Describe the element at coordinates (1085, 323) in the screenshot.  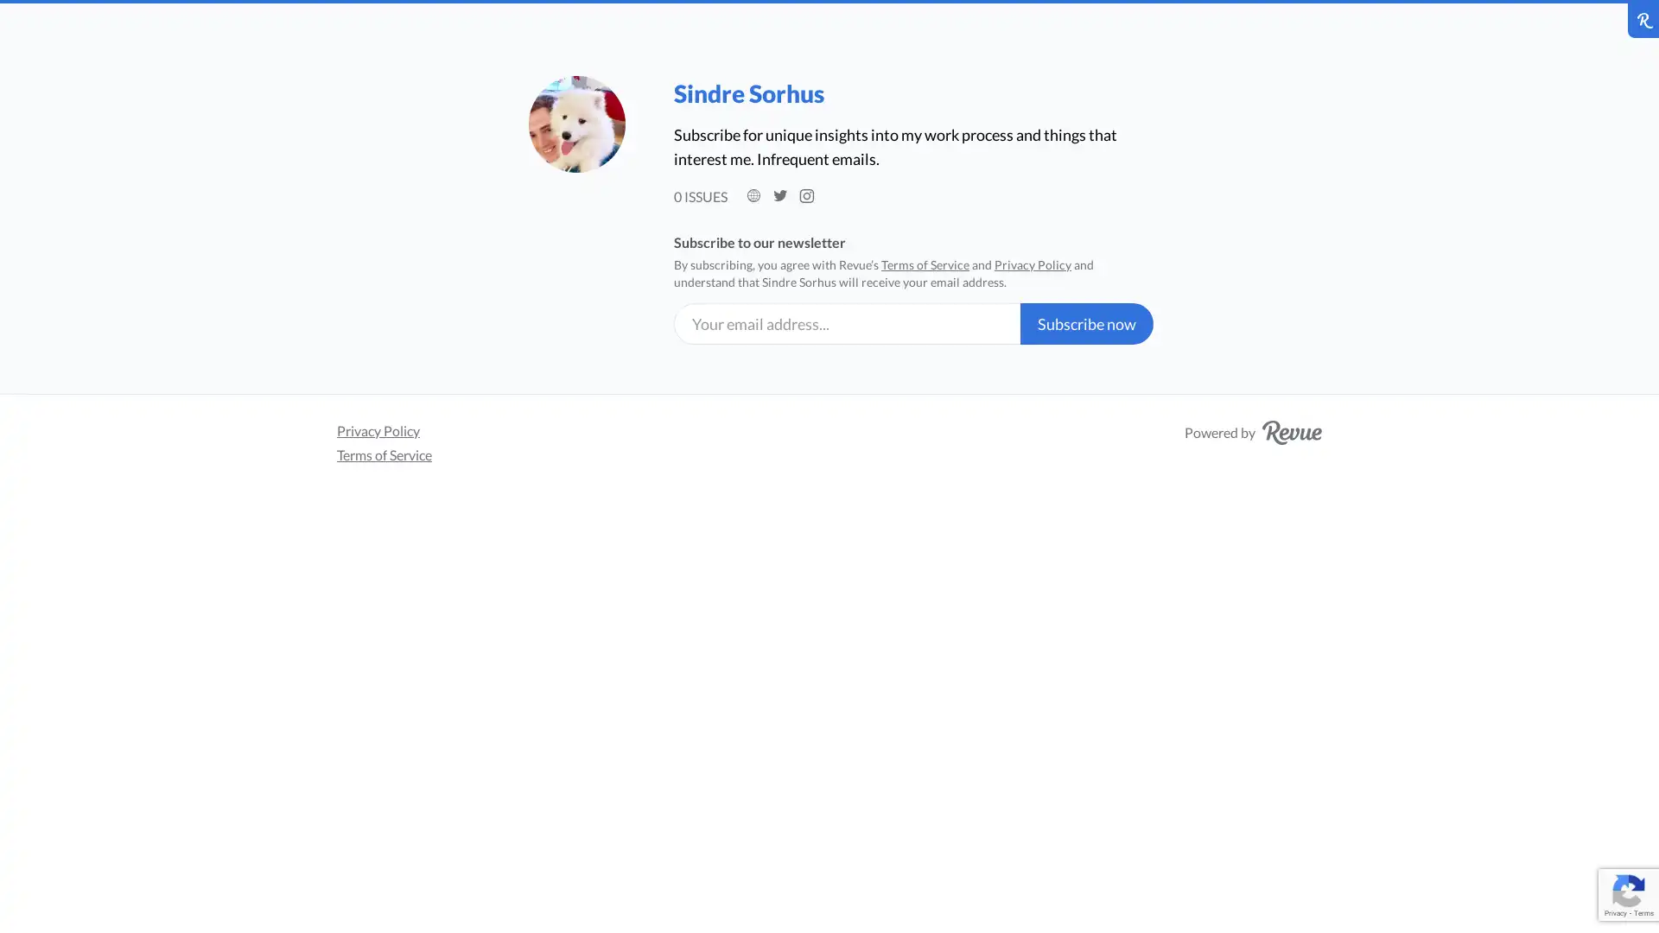
I see `Subscribe now` at that location.